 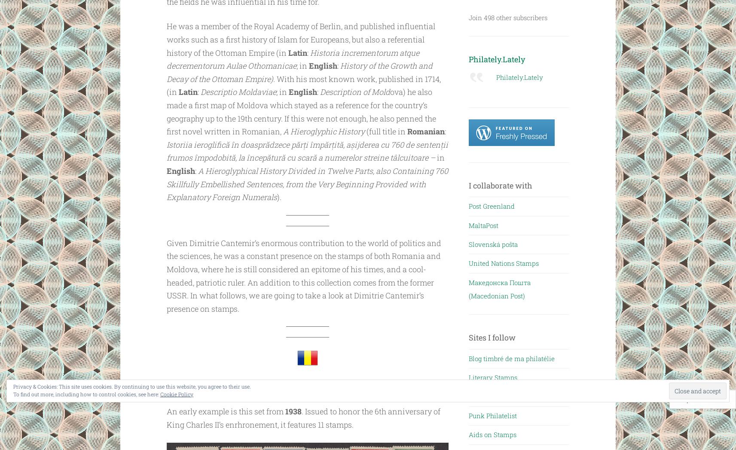 What do you see at coordinates (307, 177) in the screenshot?
I see `'A Hieroglyphical History Divided in Twelve Parts, also Containing 760 Skillfully Embellished Sentences, from the Very Beginning'` at bounding box center [307, 177].